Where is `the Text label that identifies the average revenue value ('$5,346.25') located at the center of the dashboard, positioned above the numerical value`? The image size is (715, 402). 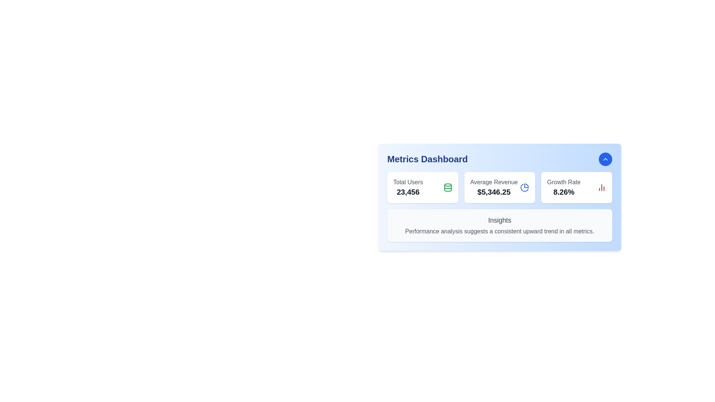 the Text label that identifies the average revenue value ('$5,346.25') located at the center of the dashboard, positioned above the numerical value is located at coordinates (494, 182).